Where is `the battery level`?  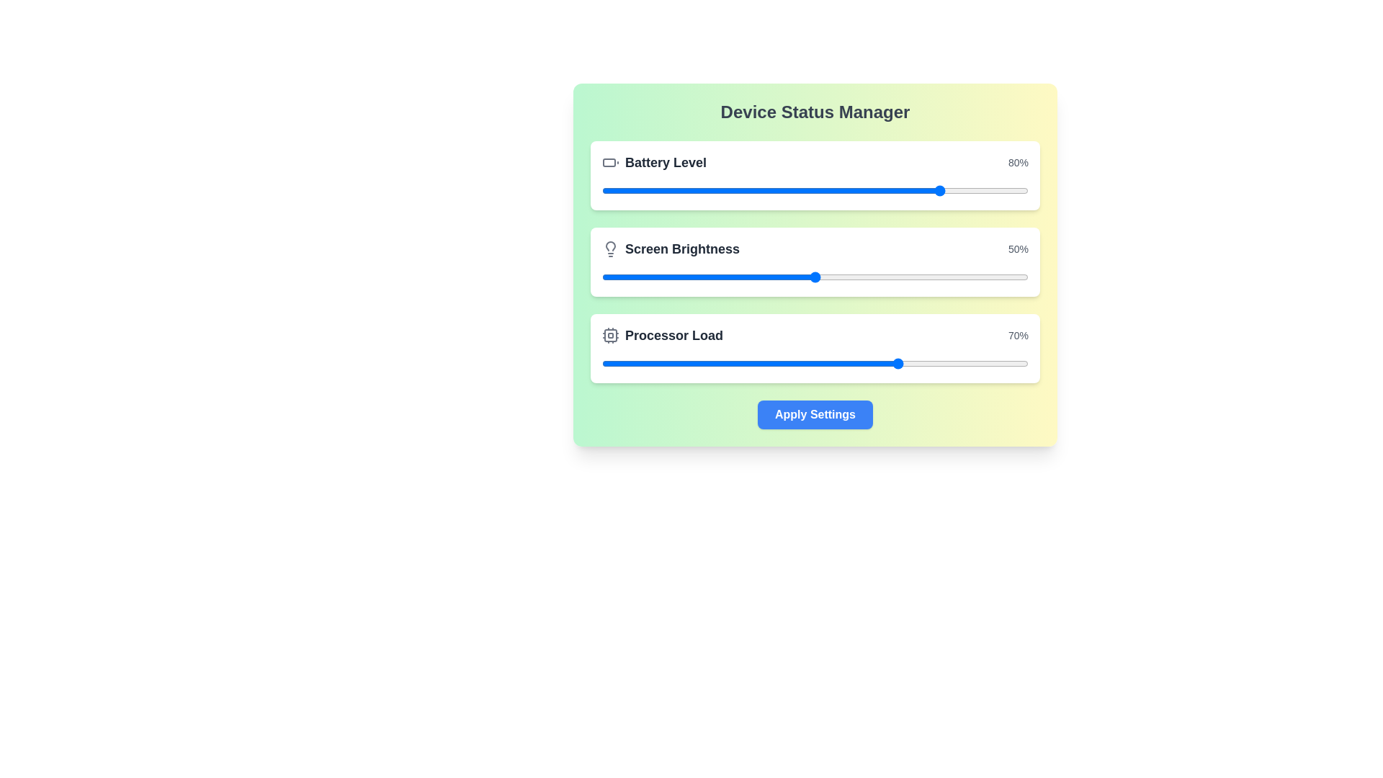 the battery level is located at coordinates (926, 190).